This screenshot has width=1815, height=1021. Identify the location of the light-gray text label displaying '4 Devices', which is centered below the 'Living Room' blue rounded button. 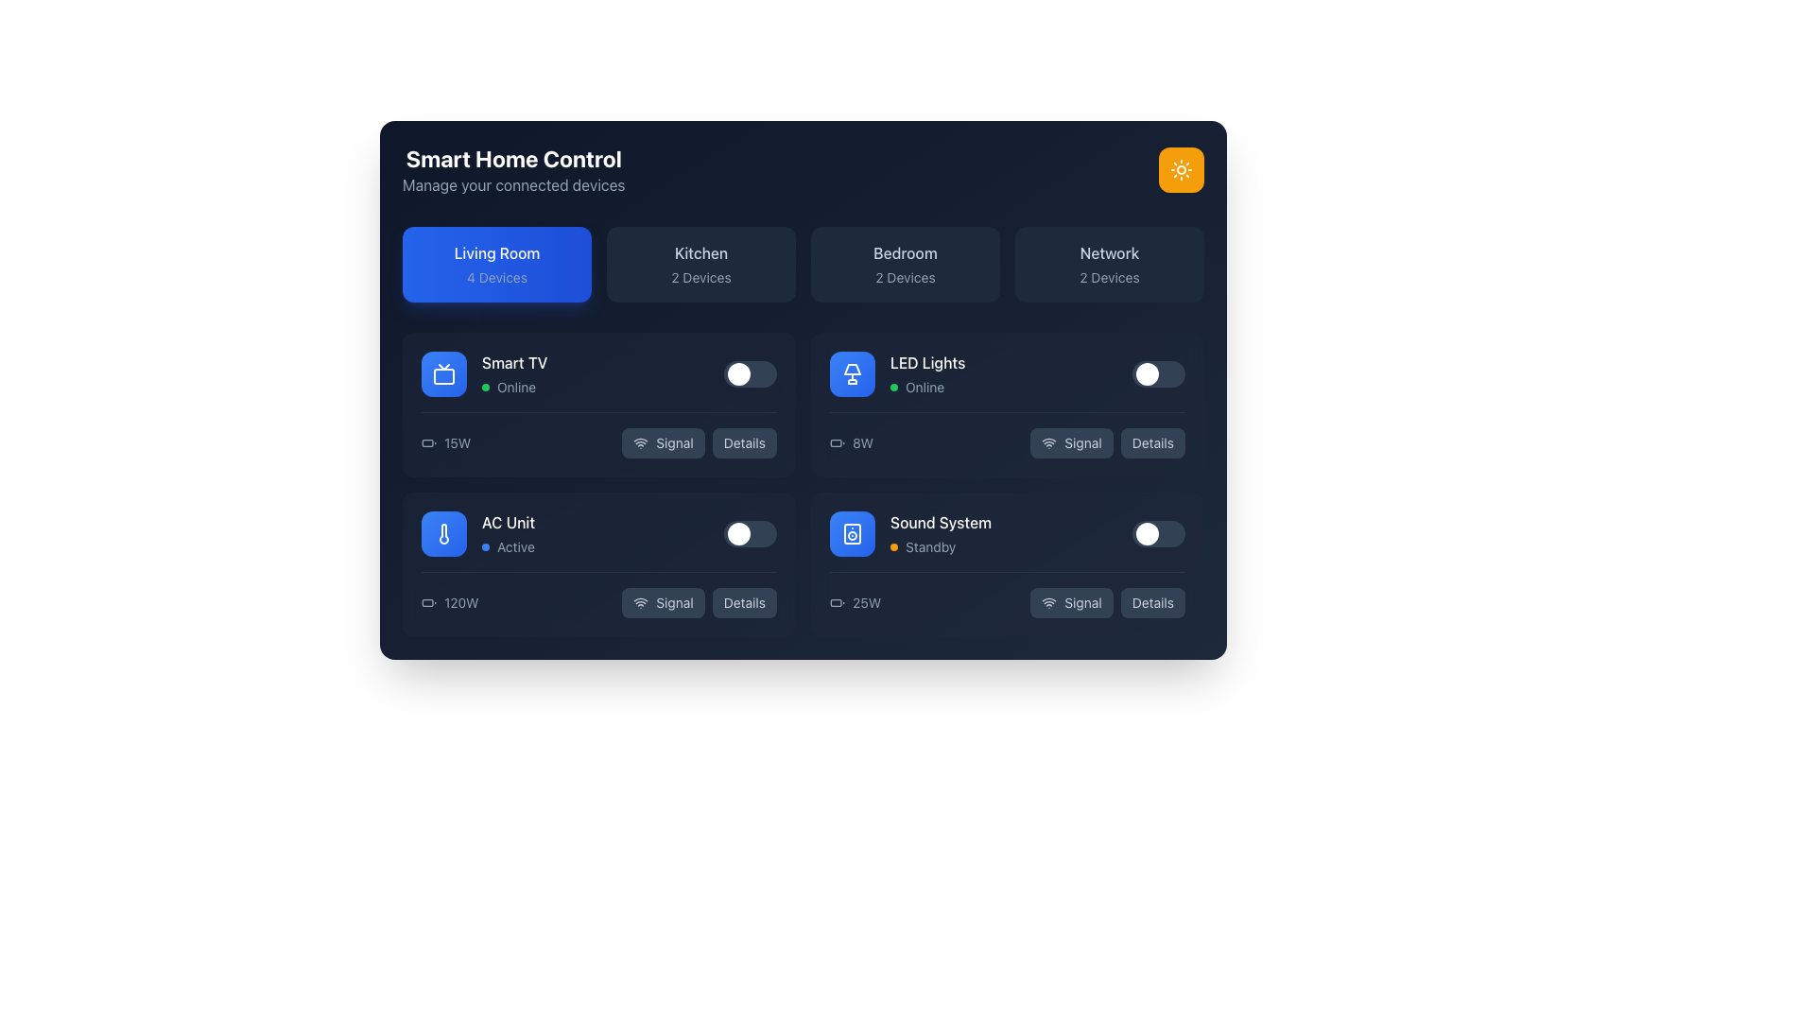
(497, 277).